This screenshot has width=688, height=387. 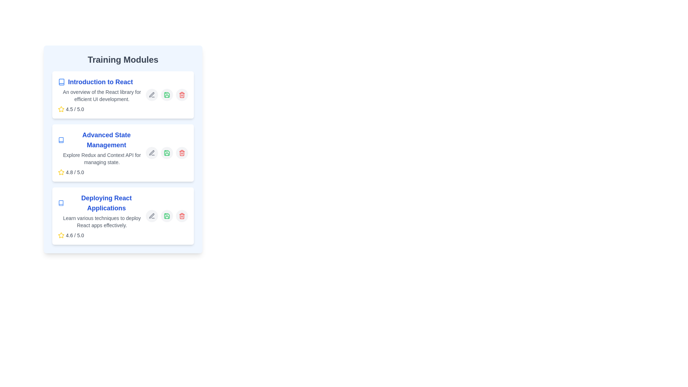 What do you see at coordinates (151, 95) in the screenshot?
I see `the circular button with a pen icon, located to the right of the 'Introduction to React' module header` at bounding box center [151, 95].